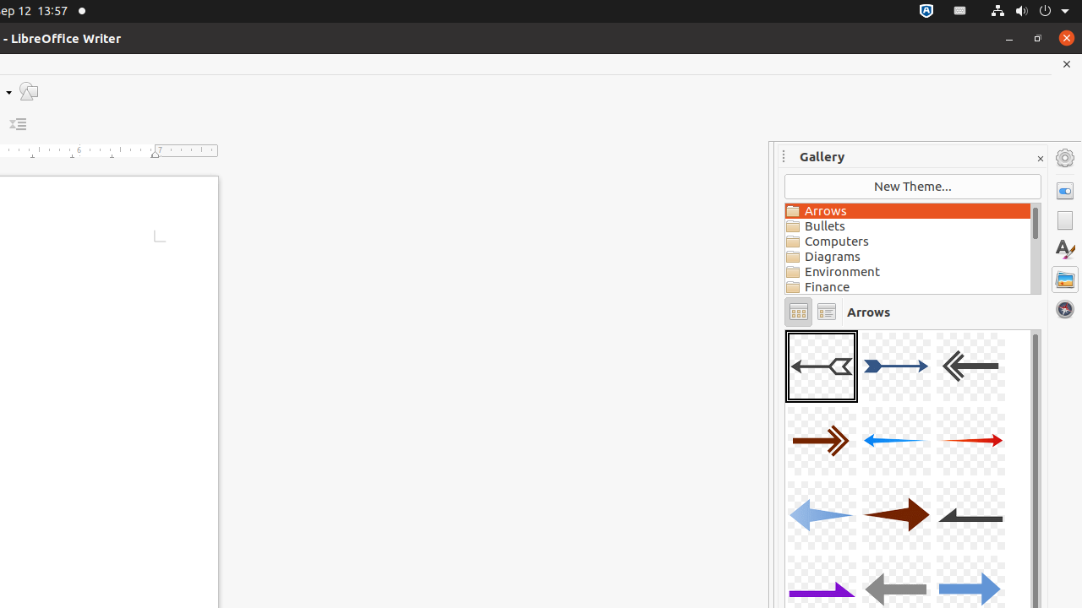 The width and height of the screenshot is (1082, 608). What do you see at coordinates (797, 312) in the screenshot?
I see `'Icon View'` at bounding box center [797, 312].